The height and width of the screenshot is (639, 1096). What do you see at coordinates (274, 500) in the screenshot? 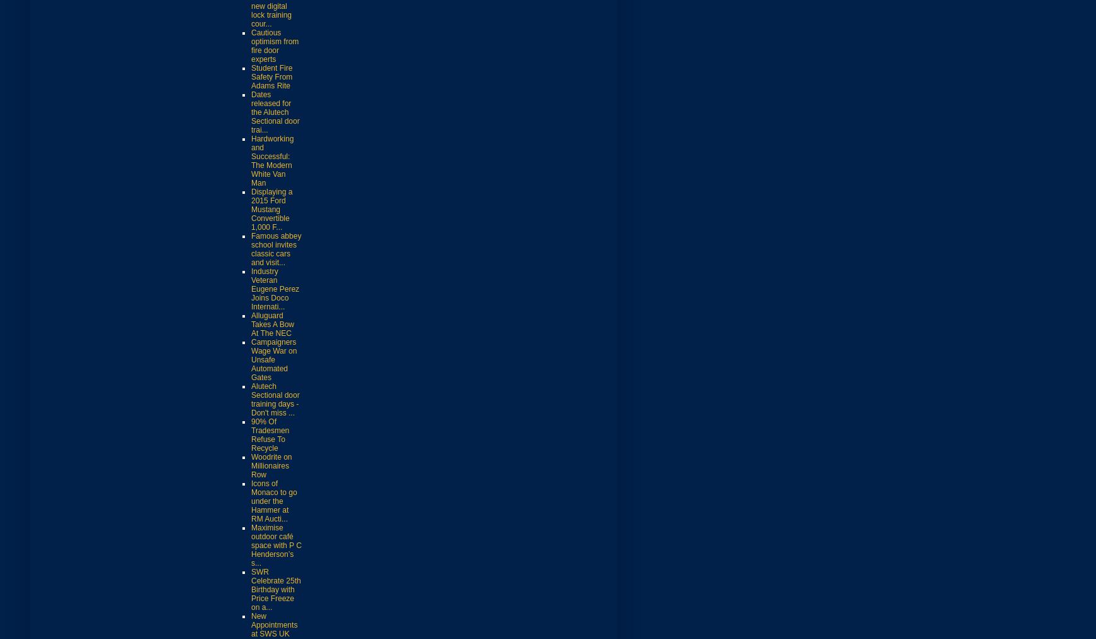
I see `'Icons of Monaco to go under the Hammer at RM Aucti...'` at bounding box center [274, 500].